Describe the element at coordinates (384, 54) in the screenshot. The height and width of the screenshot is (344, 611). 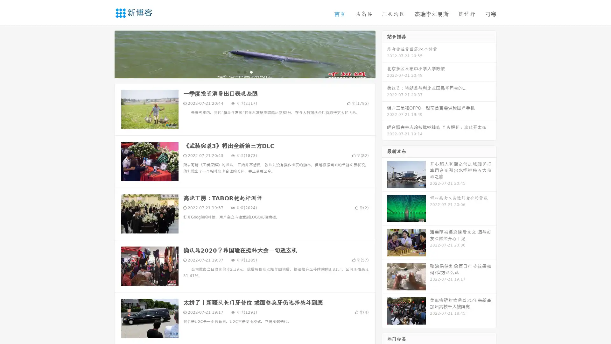
I see `Next slide` at that location.